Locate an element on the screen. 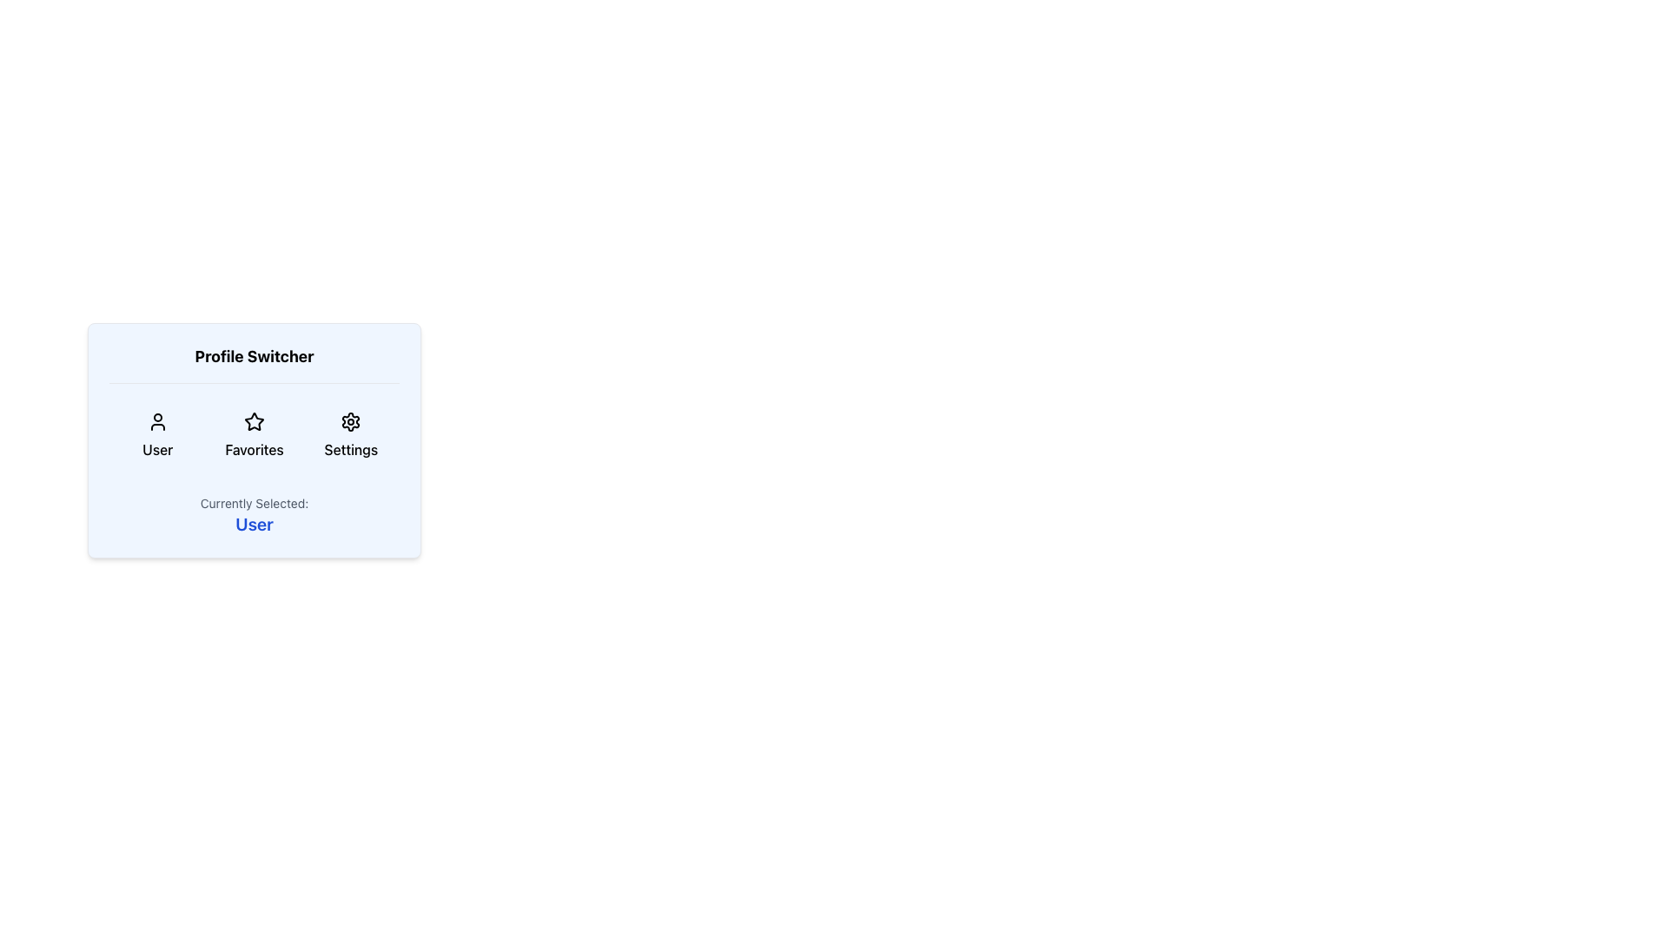 The height and width of the screenshot is (938, 1668). star icon representing the 'Favorites' section by using developer tools is located at coordinates (253, 422).